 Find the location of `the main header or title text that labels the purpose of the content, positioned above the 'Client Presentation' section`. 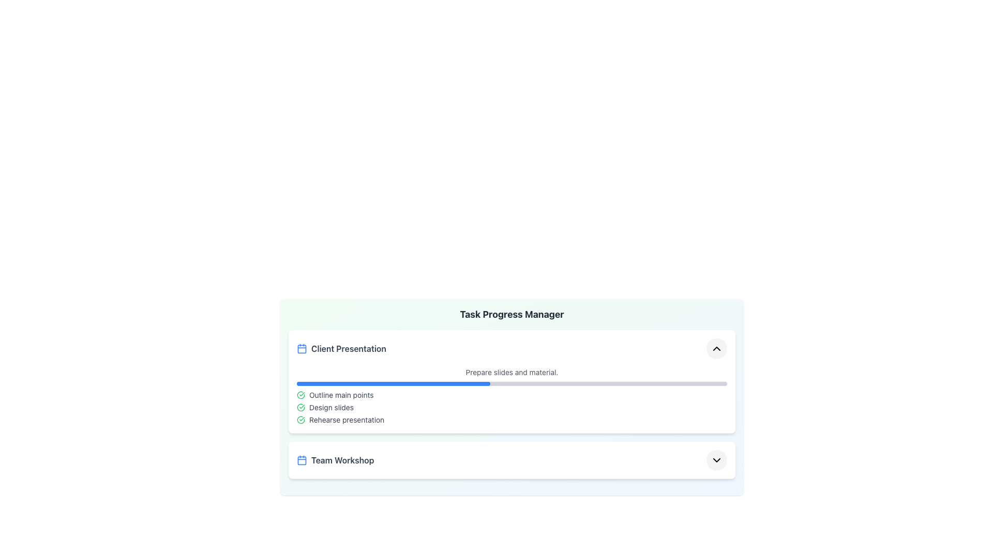

the main header or title text that labels the purpose of the content, positioned above the 'Client Presentation' section is located at coordinates (511, 314).